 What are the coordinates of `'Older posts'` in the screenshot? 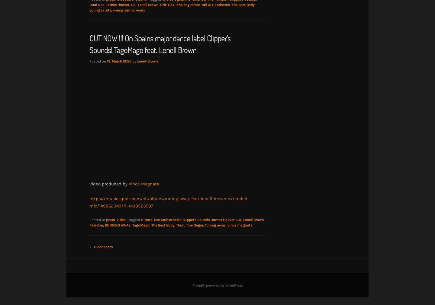 It's located at (103, 246).